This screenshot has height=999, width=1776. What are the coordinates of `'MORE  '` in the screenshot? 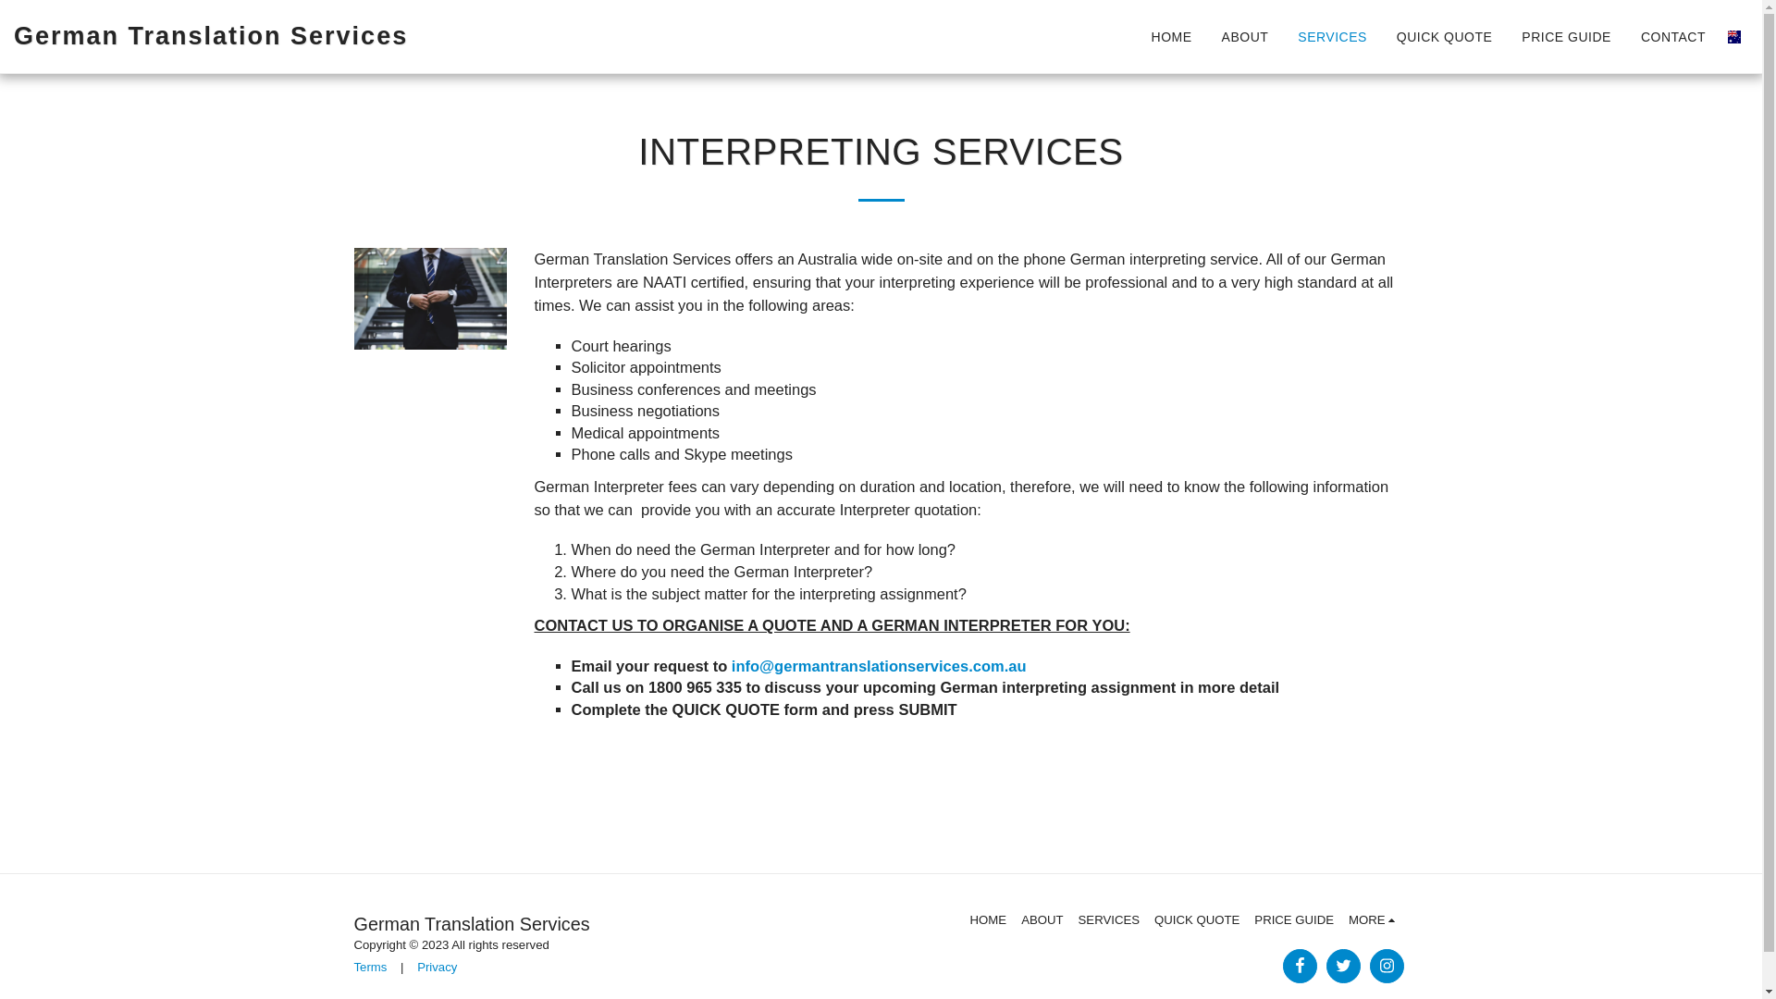 It's located at (1375, 920).